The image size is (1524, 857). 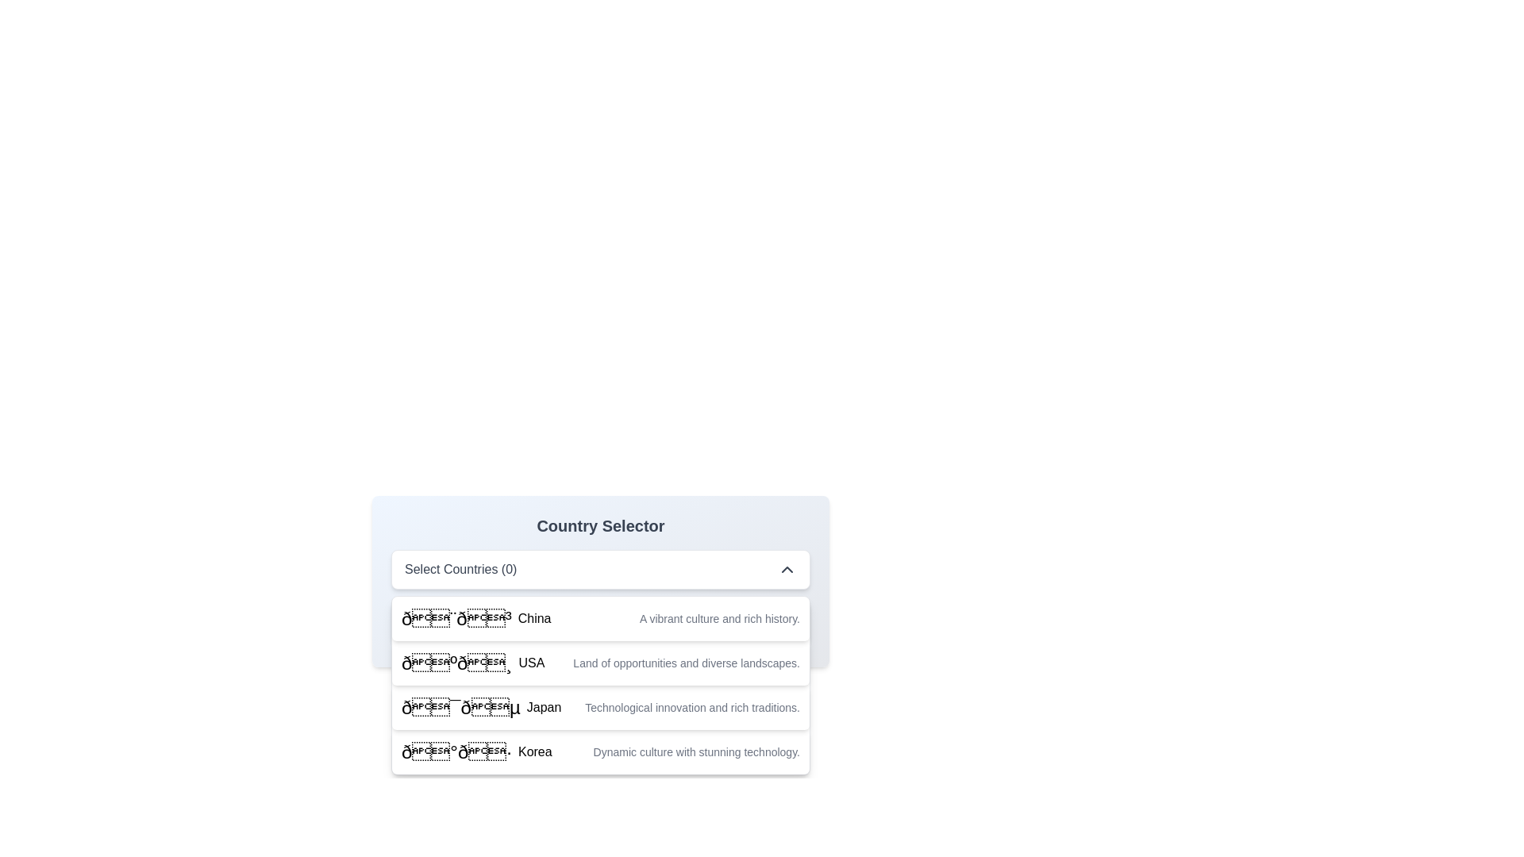 I want to click on the static text providing descriptive information about 'USA' in the country selection interface, located directly below the label with an emoji flag, so click(x=687, y=663).